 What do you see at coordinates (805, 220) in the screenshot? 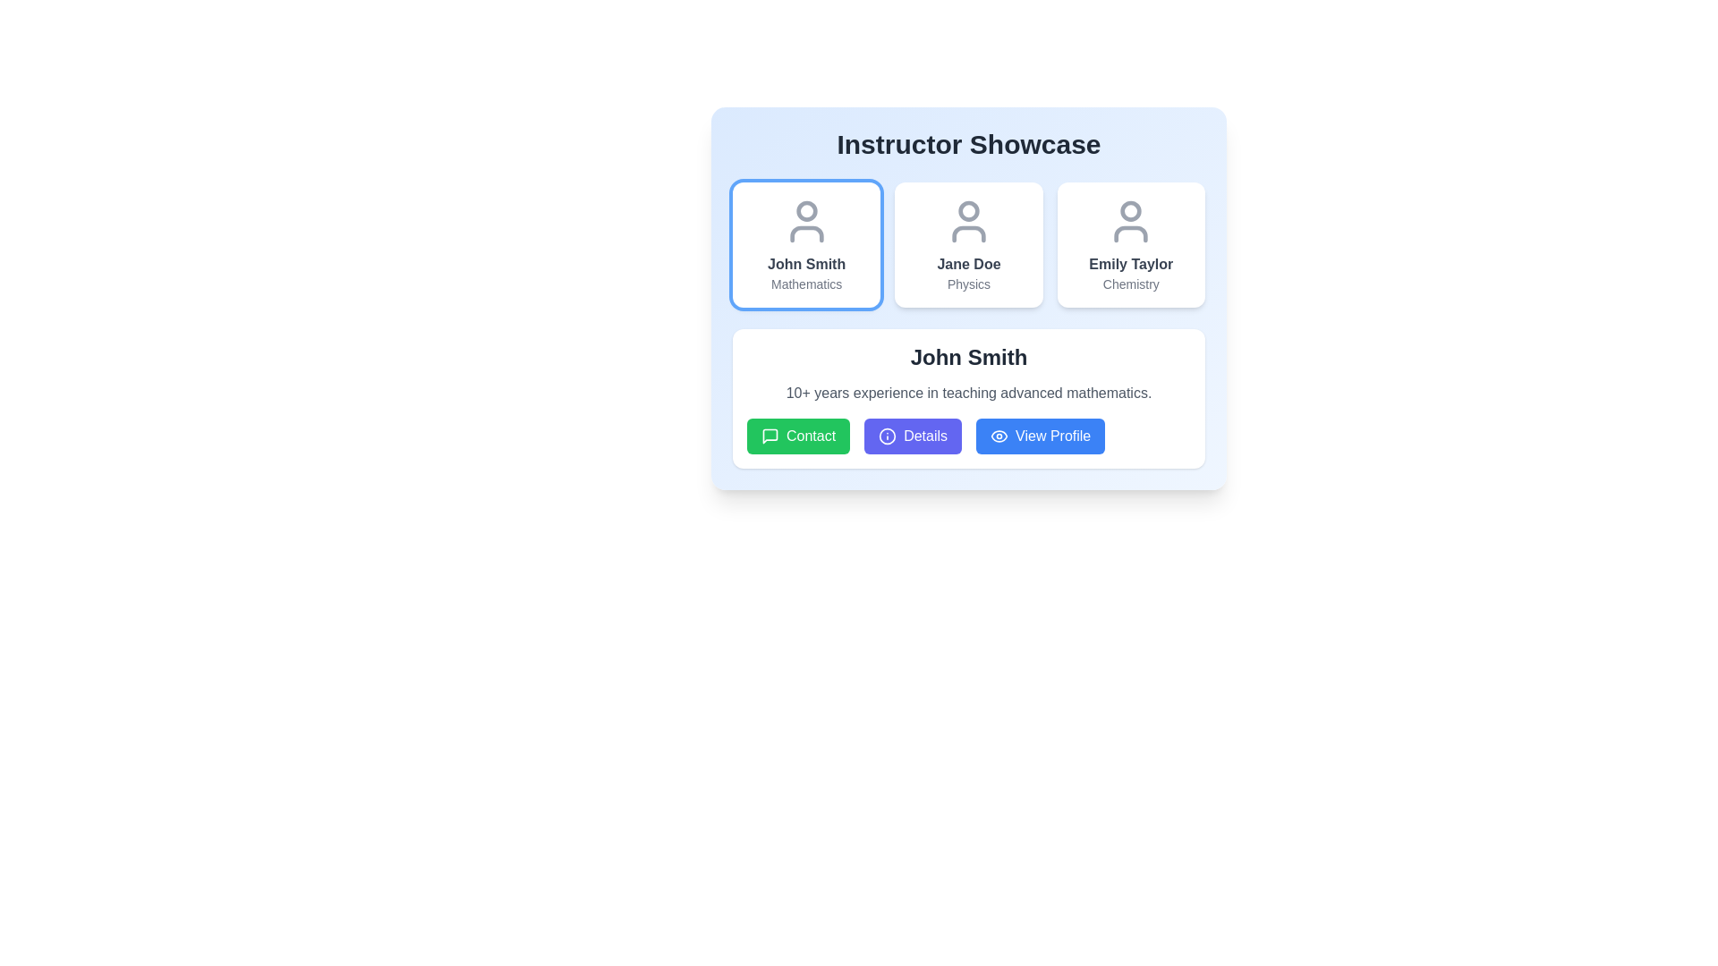
I see `the user profile icon, which is a gray silhouette on a white background, located at the center top of the box containing the name 'John Smith' and the text 'Mathematics'` at bounding box center [805, 220].